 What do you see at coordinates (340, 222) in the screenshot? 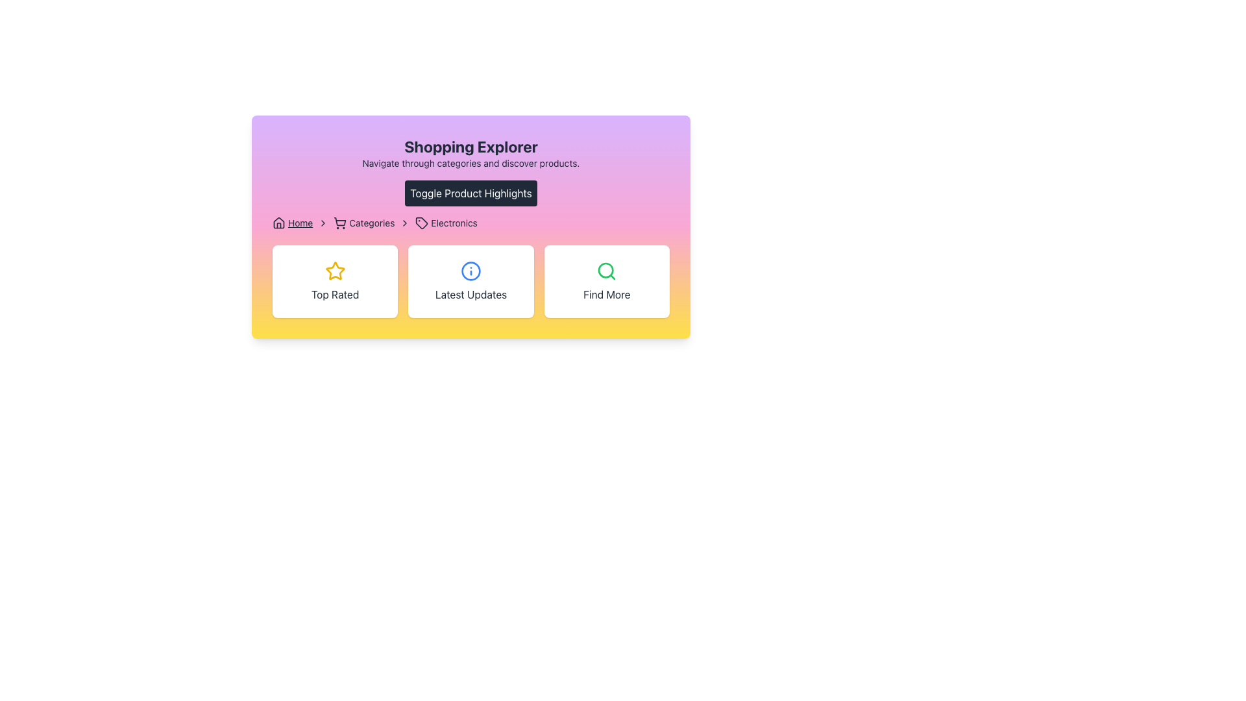
I see `the shopping cart icon located before the 'Categories' text in the breadcrumb navigation` at bounding box center [340, 222].